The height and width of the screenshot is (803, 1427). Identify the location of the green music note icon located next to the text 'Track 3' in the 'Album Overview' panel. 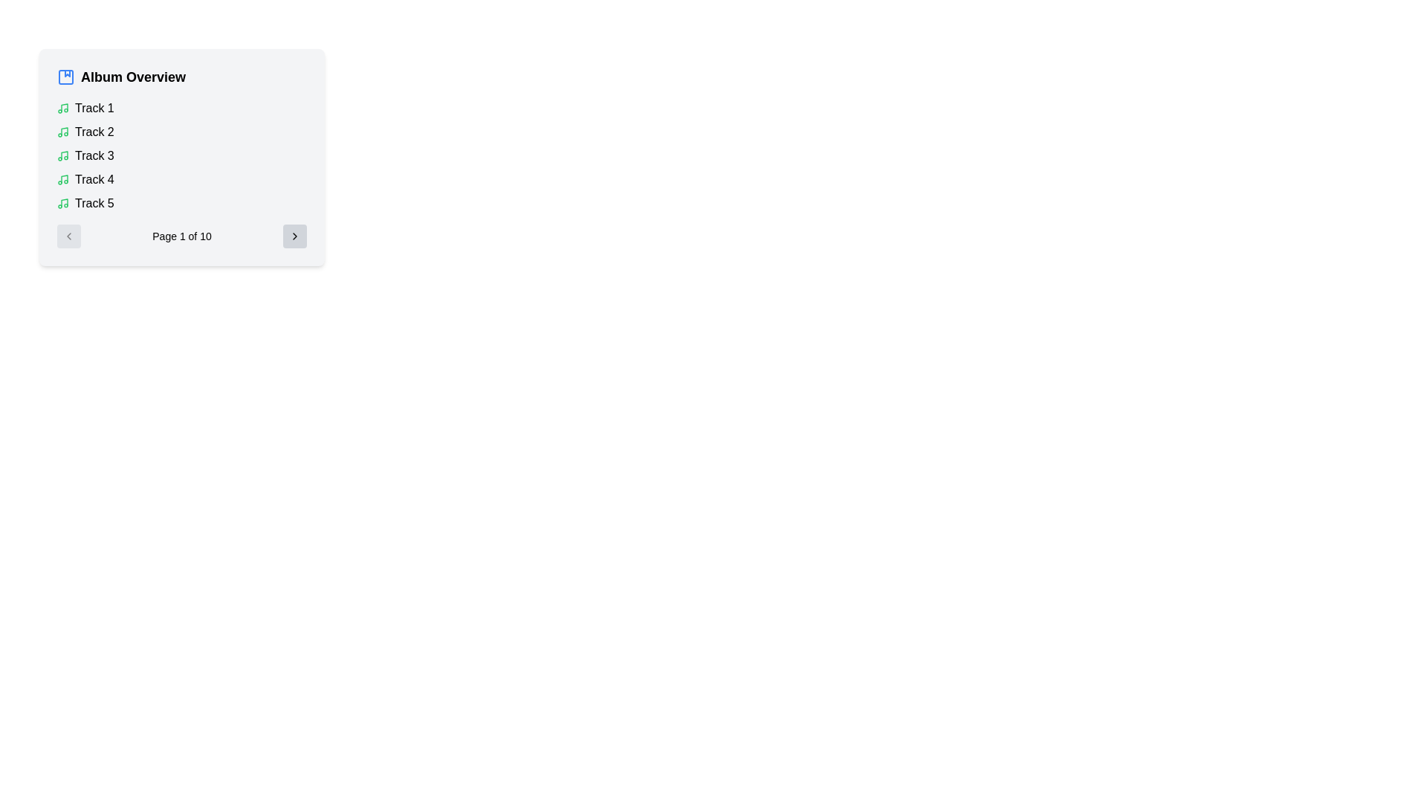
(62, 155).